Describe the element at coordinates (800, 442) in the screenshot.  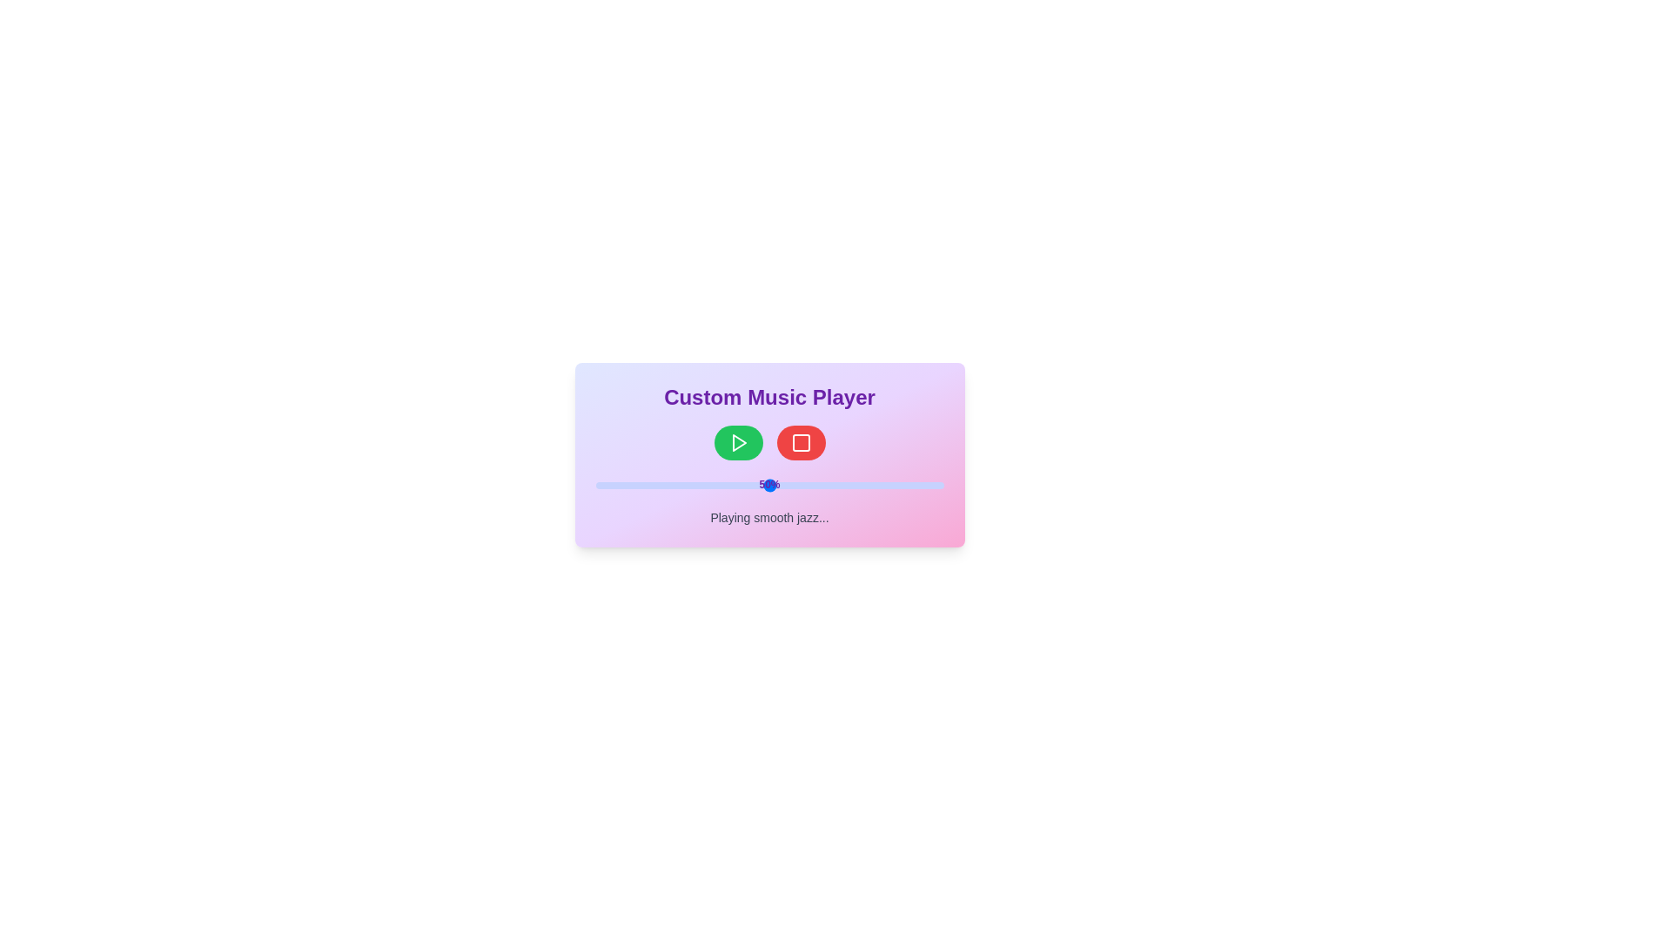
I see `the stop button located in the middle section of the music player interface, positioned to the right of the play button` at that location.